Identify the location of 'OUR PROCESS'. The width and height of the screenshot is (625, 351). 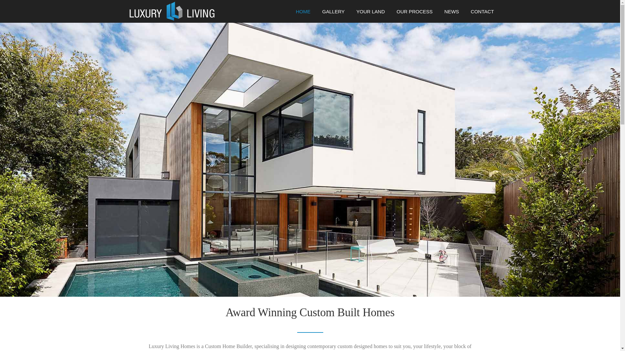
(414, 14).